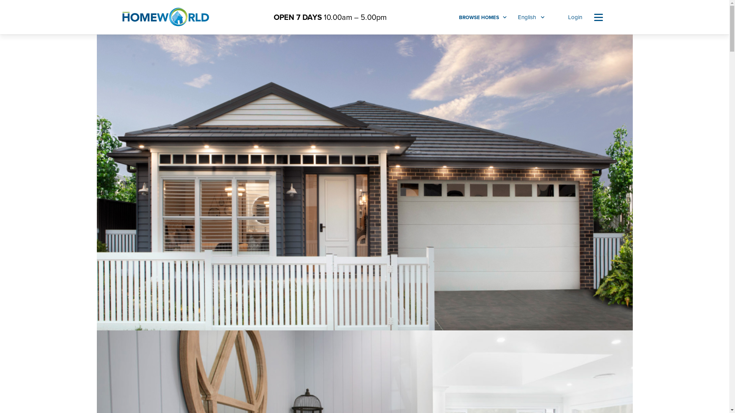 The width and height of the screenshot is (735, 413). What do you see at coordinates (575, 17) in the screenshot?
I see `'Login'` at bounding box center [575, 17].